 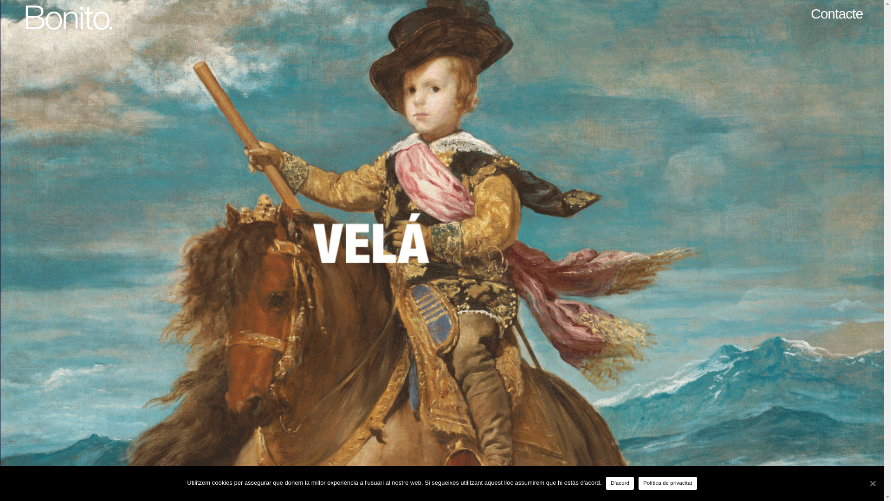 I want to click on 'D'acord', so click(x=606, y=482).